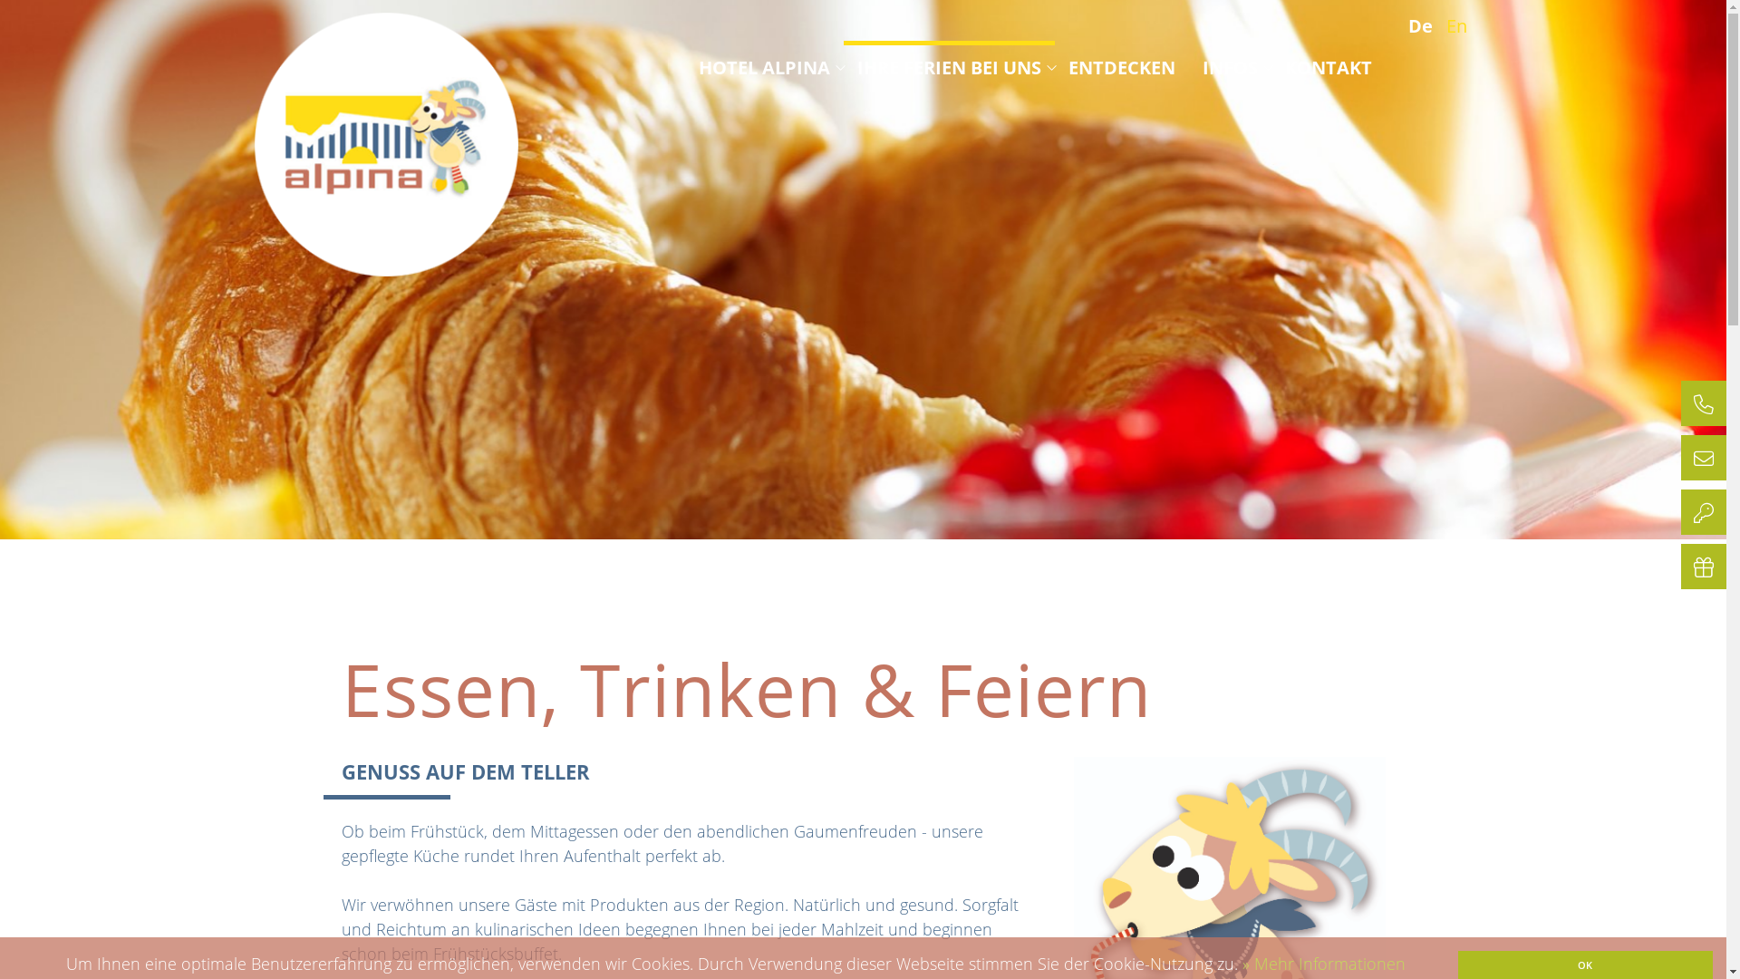  What do you see at coordinates (1120, 66) in the screenshot?
I see `'ENTDECKEN'` at bounding box center [1120, 66].